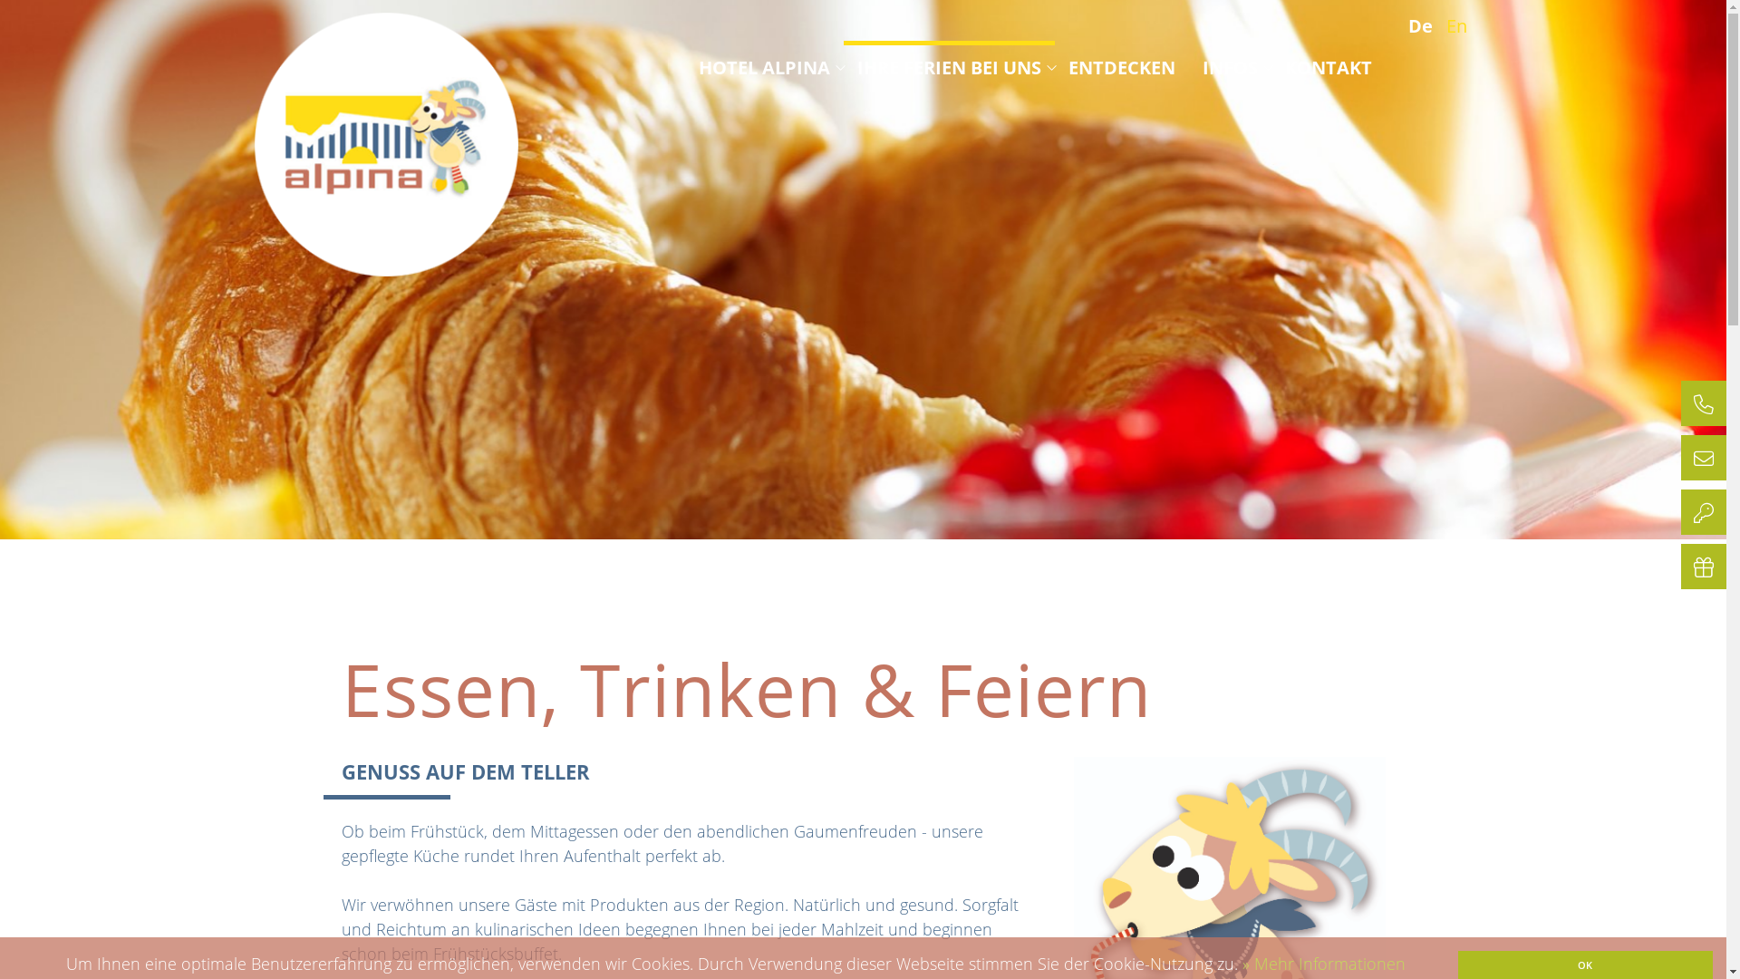  What do you see at coordinates (1120, 66) in the screenshot?
I see `'ENTDECKEN'` at bounding box center [1120, 66].